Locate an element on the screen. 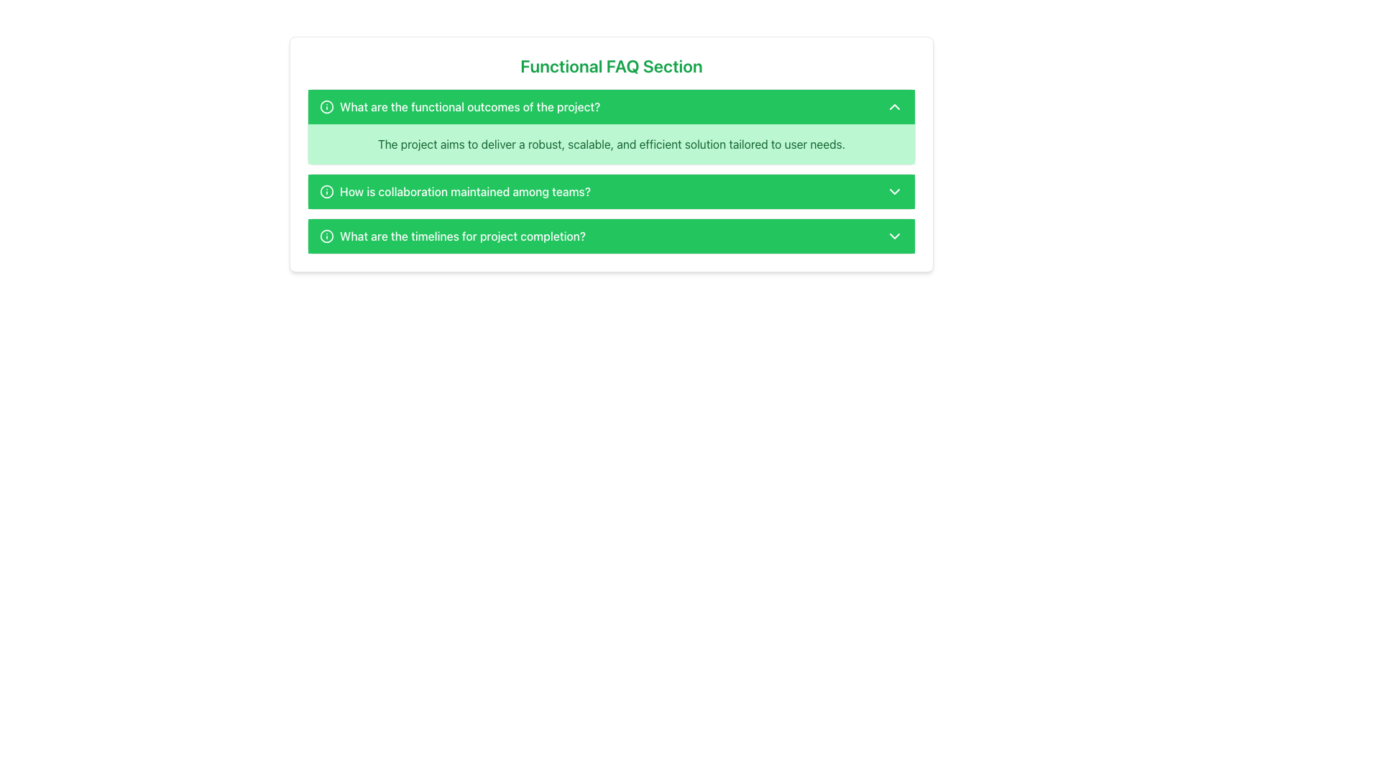 The height and width of the screenshot is (776, 1380). the Text Block with light green background and dark green text stating: 'The project aims to deliver a robust, scalable, and efficient solution tailored to user needs.' which is positioned below the header question 'What are the functional outcomes of the project?' is located at coordinates (611, 144).